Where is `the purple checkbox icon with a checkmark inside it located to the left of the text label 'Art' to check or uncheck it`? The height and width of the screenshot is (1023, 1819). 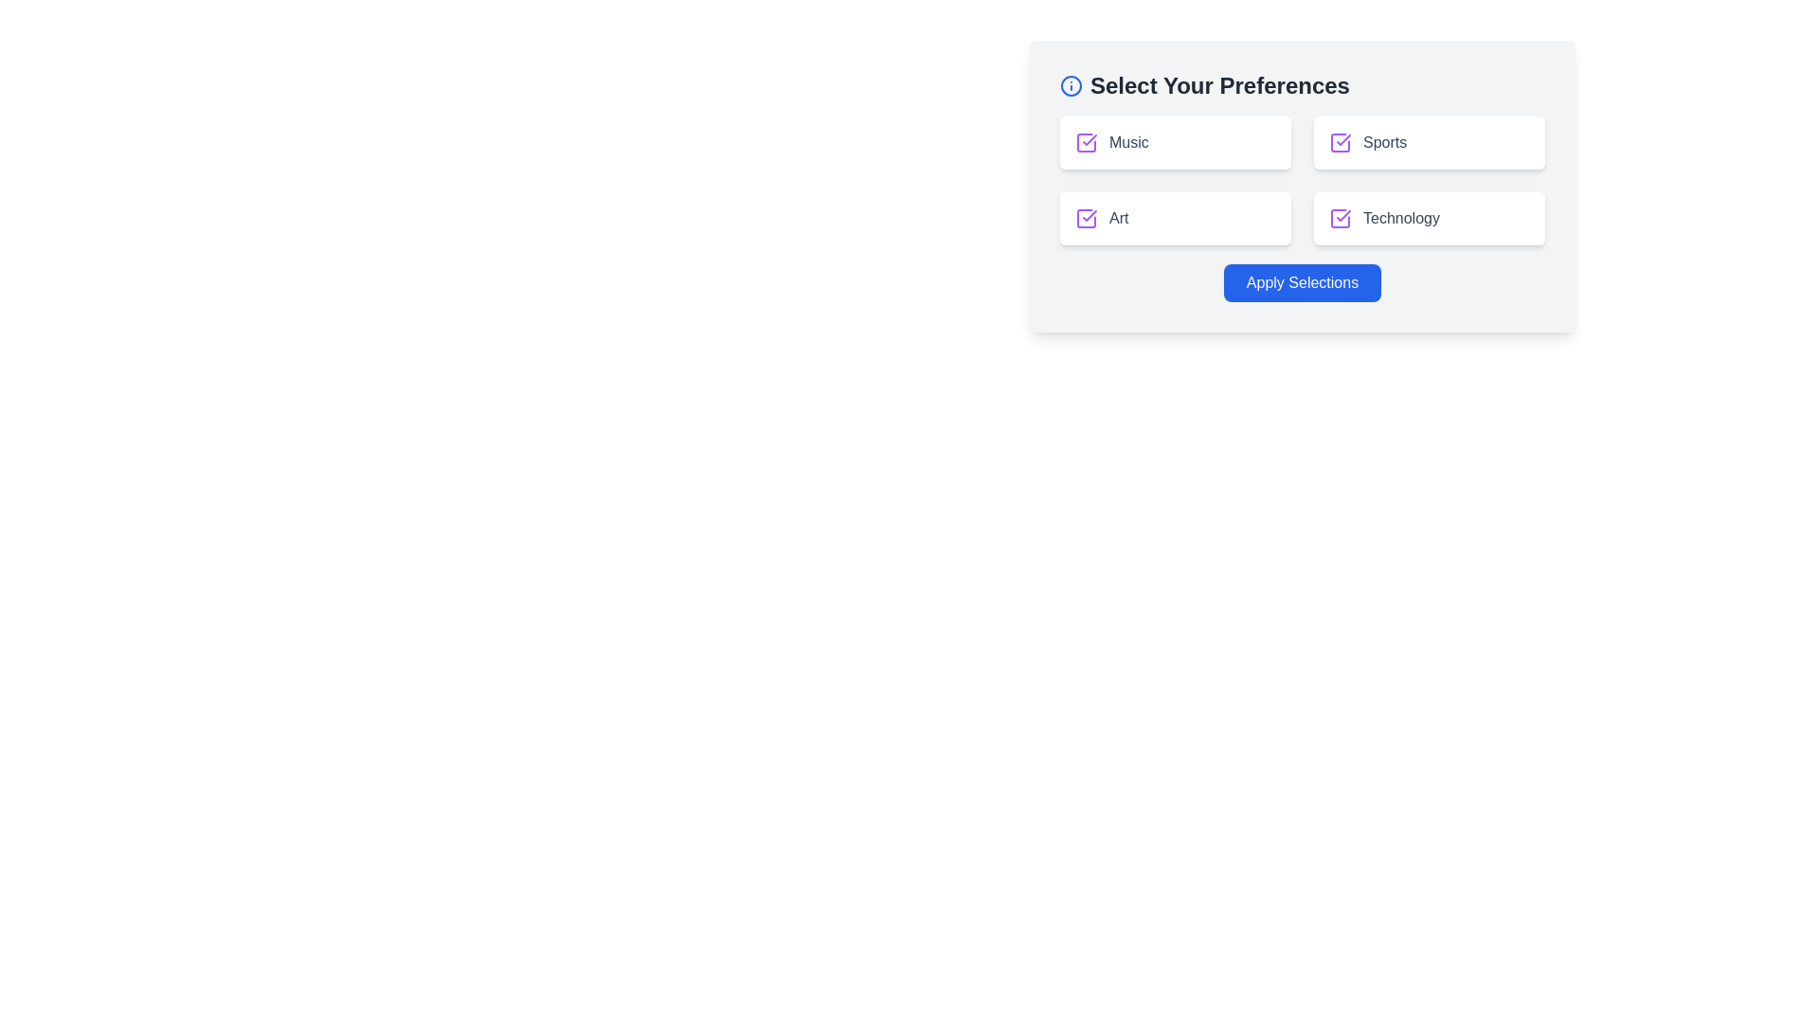 the purple checkbox icon with a checkmark inside it located to the left of the text label 'Art' to check or uncheck it is located at coordinates (1087, 218).